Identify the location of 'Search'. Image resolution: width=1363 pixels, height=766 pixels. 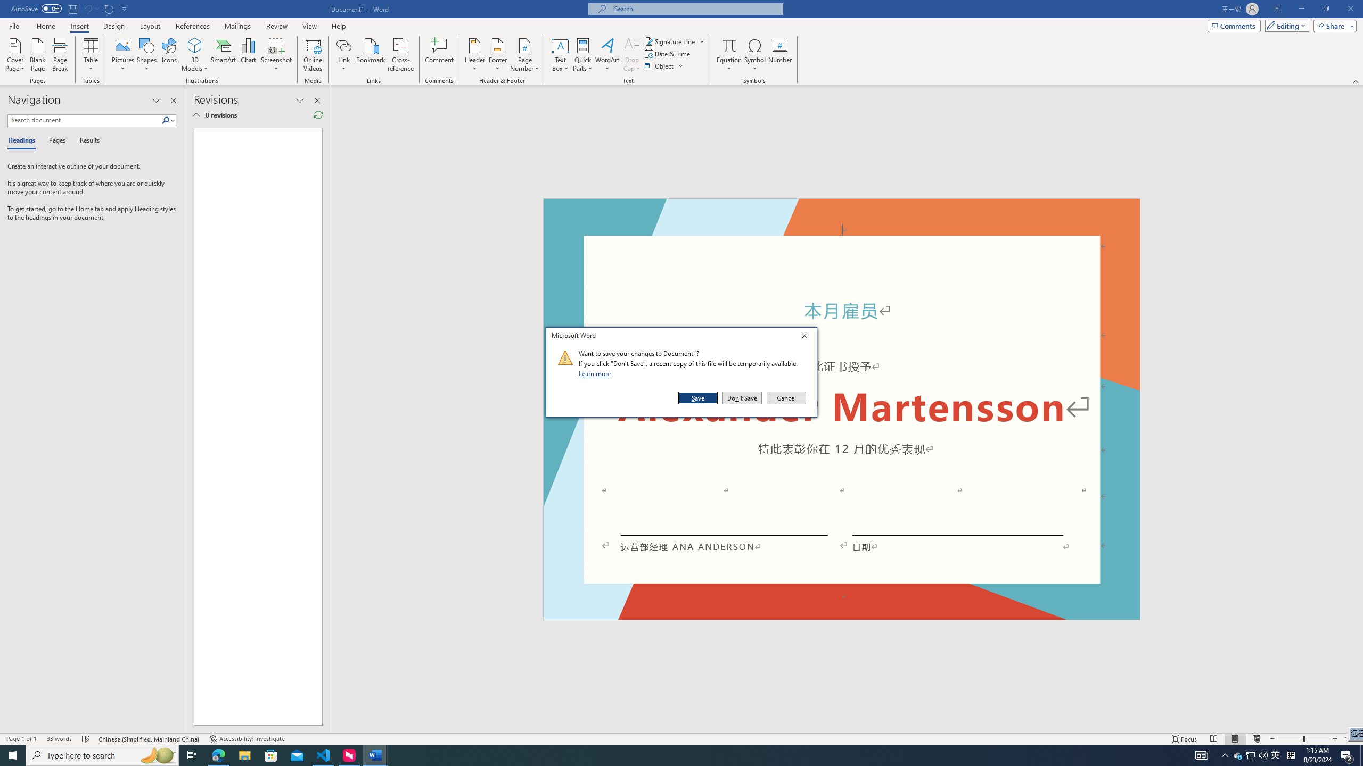
(168, 120).